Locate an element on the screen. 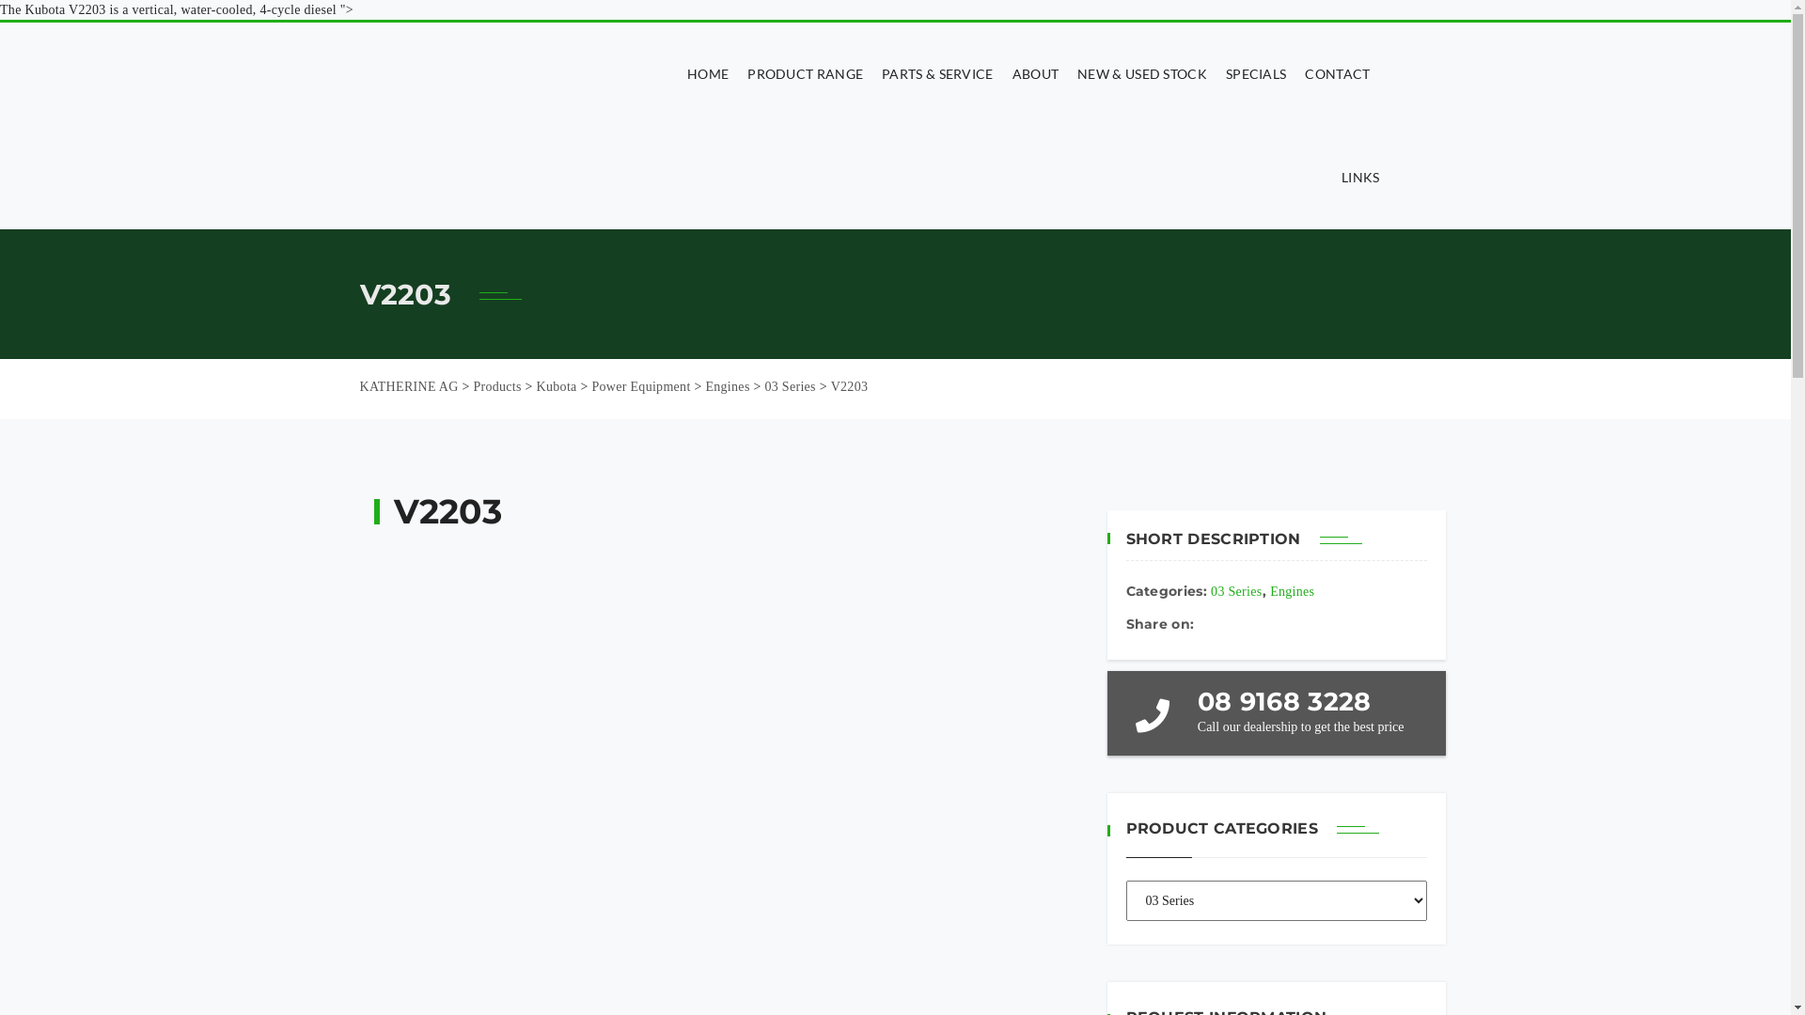 The image size is (1805, 1015). 'PRODUCT RANGE' is located at coordinates (805, 72).